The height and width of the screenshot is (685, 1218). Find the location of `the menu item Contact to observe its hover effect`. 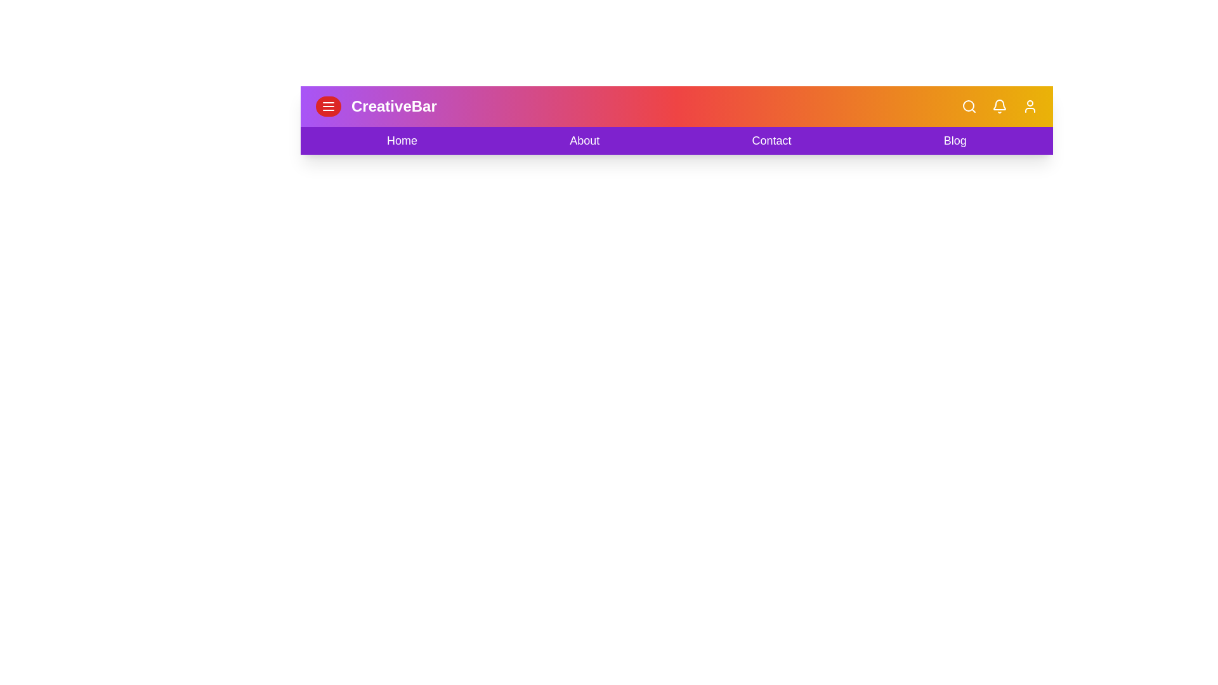

the menu item Contact to observe its hover effect is located at coordinates (771, 141).